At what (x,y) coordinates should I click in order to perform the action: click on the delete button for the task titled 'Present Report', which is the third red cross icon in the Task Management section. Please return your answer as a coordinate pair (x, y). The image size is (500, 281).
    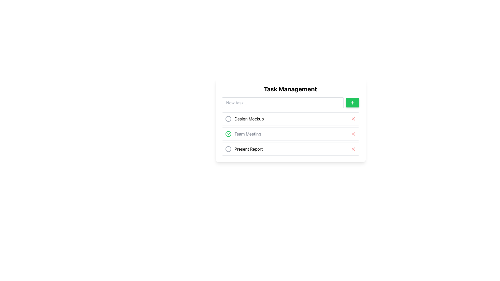
    Looking at the image, I should click on (353, 149).